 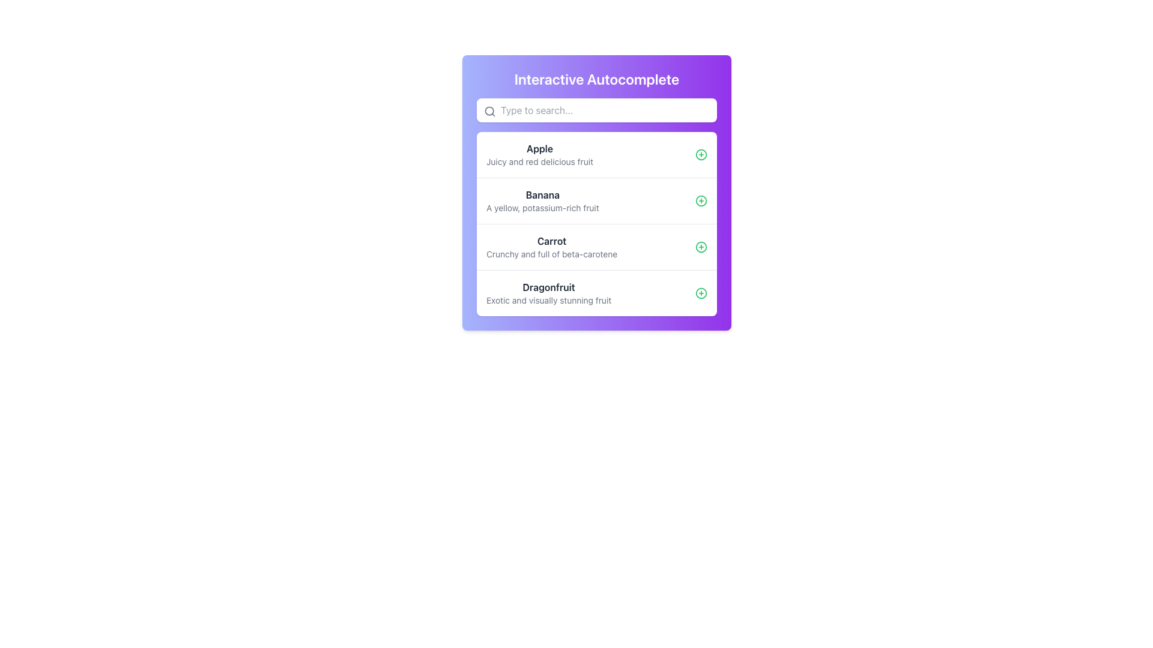 What do you see at coordinates (701, 154) in the screenshot?
I see `the central circle of the 'add' button associated with the 'Apple' item in the SVG graphic` at bounding box center [701, 154].